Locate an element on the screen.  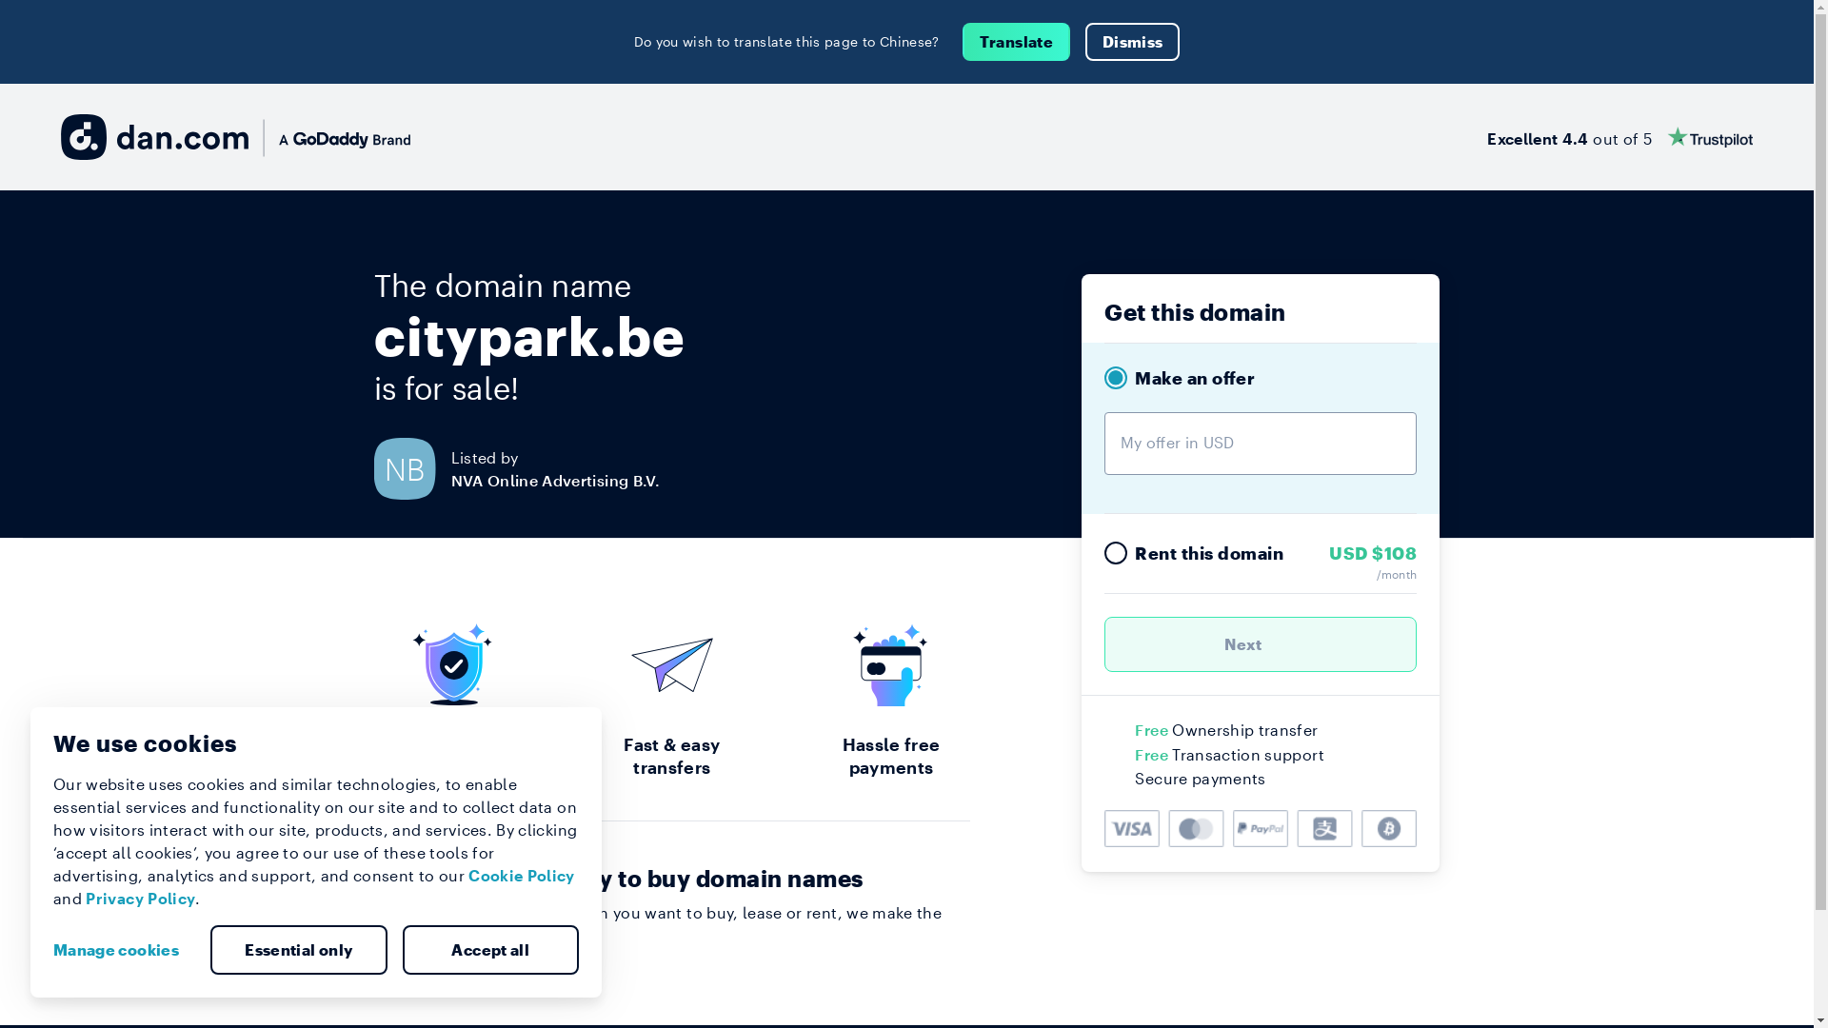
'Privacy Policy' is located at coordinates (85, 898).